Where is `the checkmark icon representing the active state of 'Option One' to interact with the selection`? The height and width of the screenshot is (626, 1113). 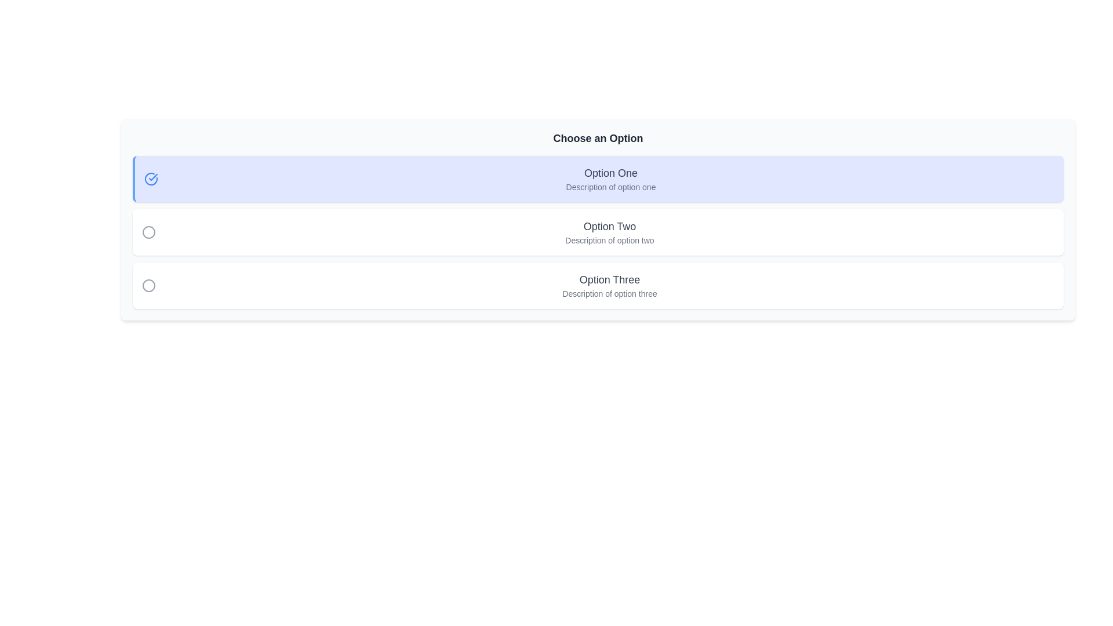 the checkmark icon representing the active state of 'Option One' to interact with the selection is located at coordinates (152, 177).